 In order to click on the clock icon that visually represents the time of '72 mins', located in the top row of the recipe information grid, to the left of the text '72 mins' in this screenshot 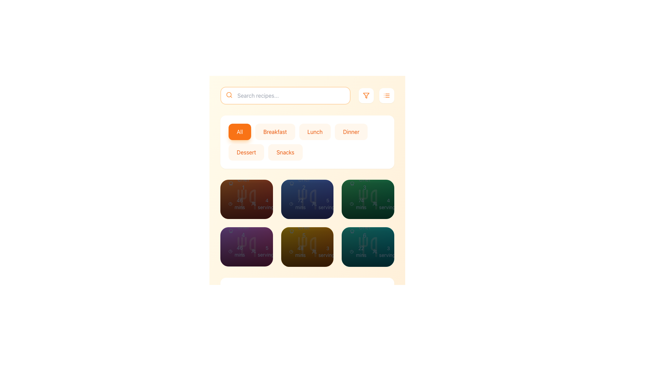, I will do `click(291, 204)`.